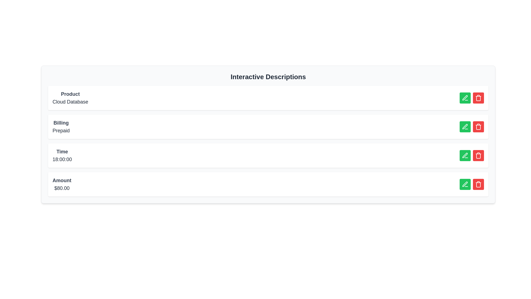 The image size is (531, 299). I want to click on the green rectangular button with a pen icon, so click(465, 156).